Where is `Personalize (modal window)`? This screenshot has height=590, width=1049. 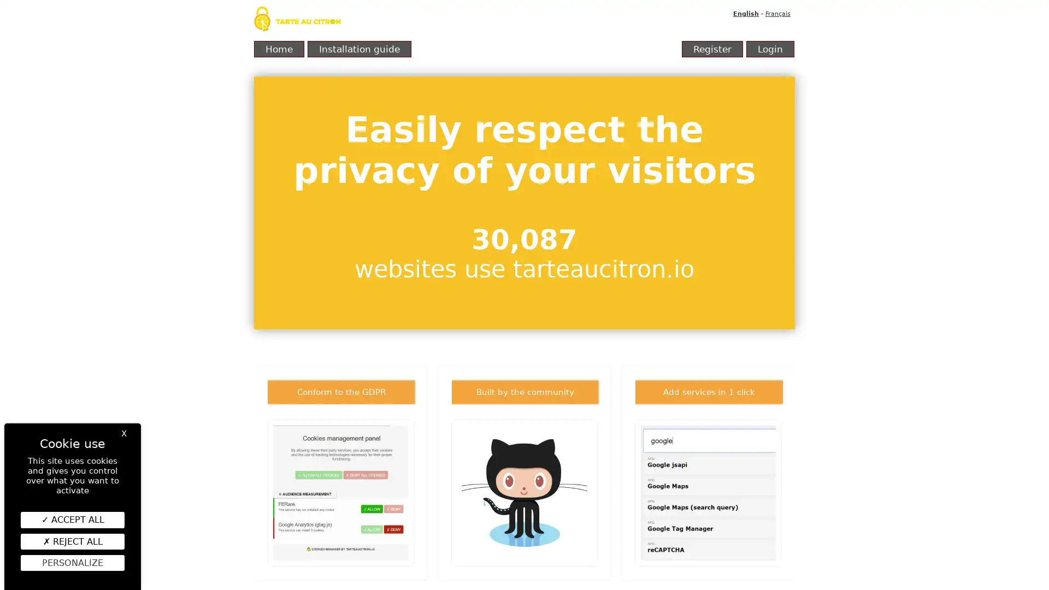 Personalize (modal window) is located at coordinates (72, 562).